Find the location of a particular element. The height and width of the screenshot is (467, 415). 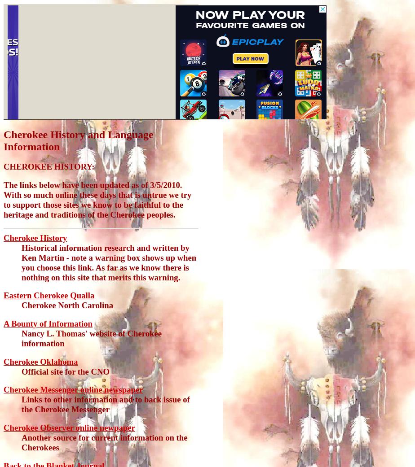

'The links below have been updated as of 3/5/2010.  With so much online these days that is untrue we try to support those sites we know to be faithful to the heritage and traditions of the Cherokee peoples.' is located at coordinates (97, 199).